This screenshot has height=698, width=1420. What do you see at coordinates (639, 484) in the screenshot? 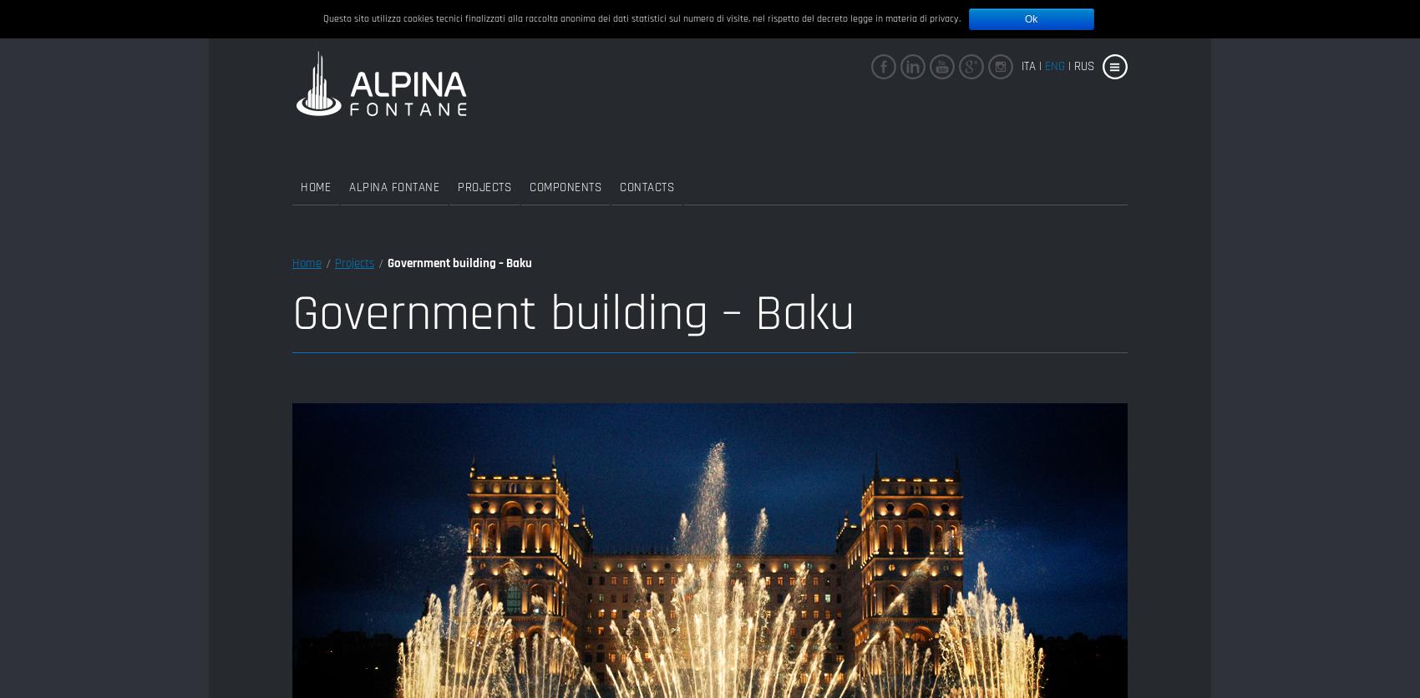
I see `'Lighting'` at bounding box center [639, 484].